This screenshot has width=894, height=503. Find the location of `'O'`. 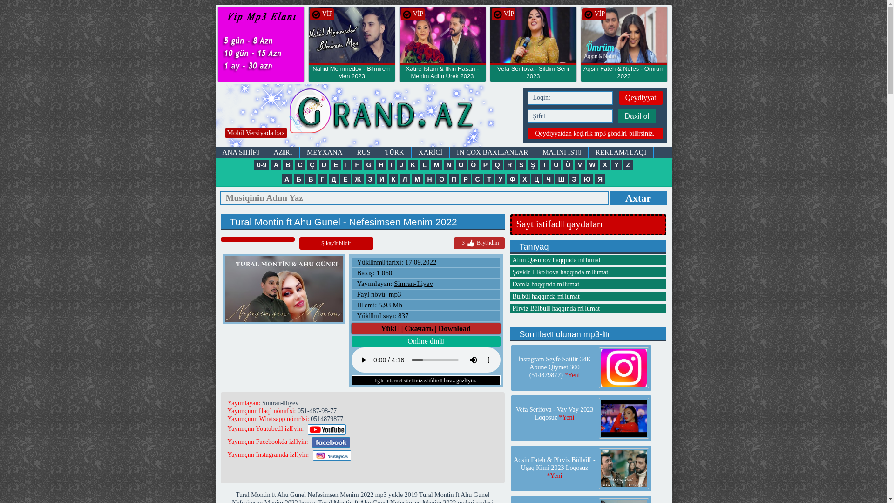

'O' is located at coordinates (456, 164).